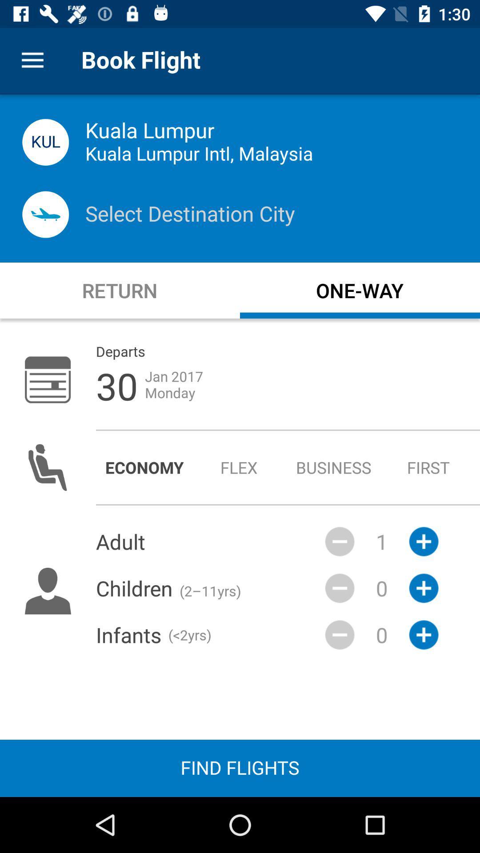  What do you see at coordinates (423, 588) in the screenshot?
I see `the add icon` at bounding box center [423, 588].